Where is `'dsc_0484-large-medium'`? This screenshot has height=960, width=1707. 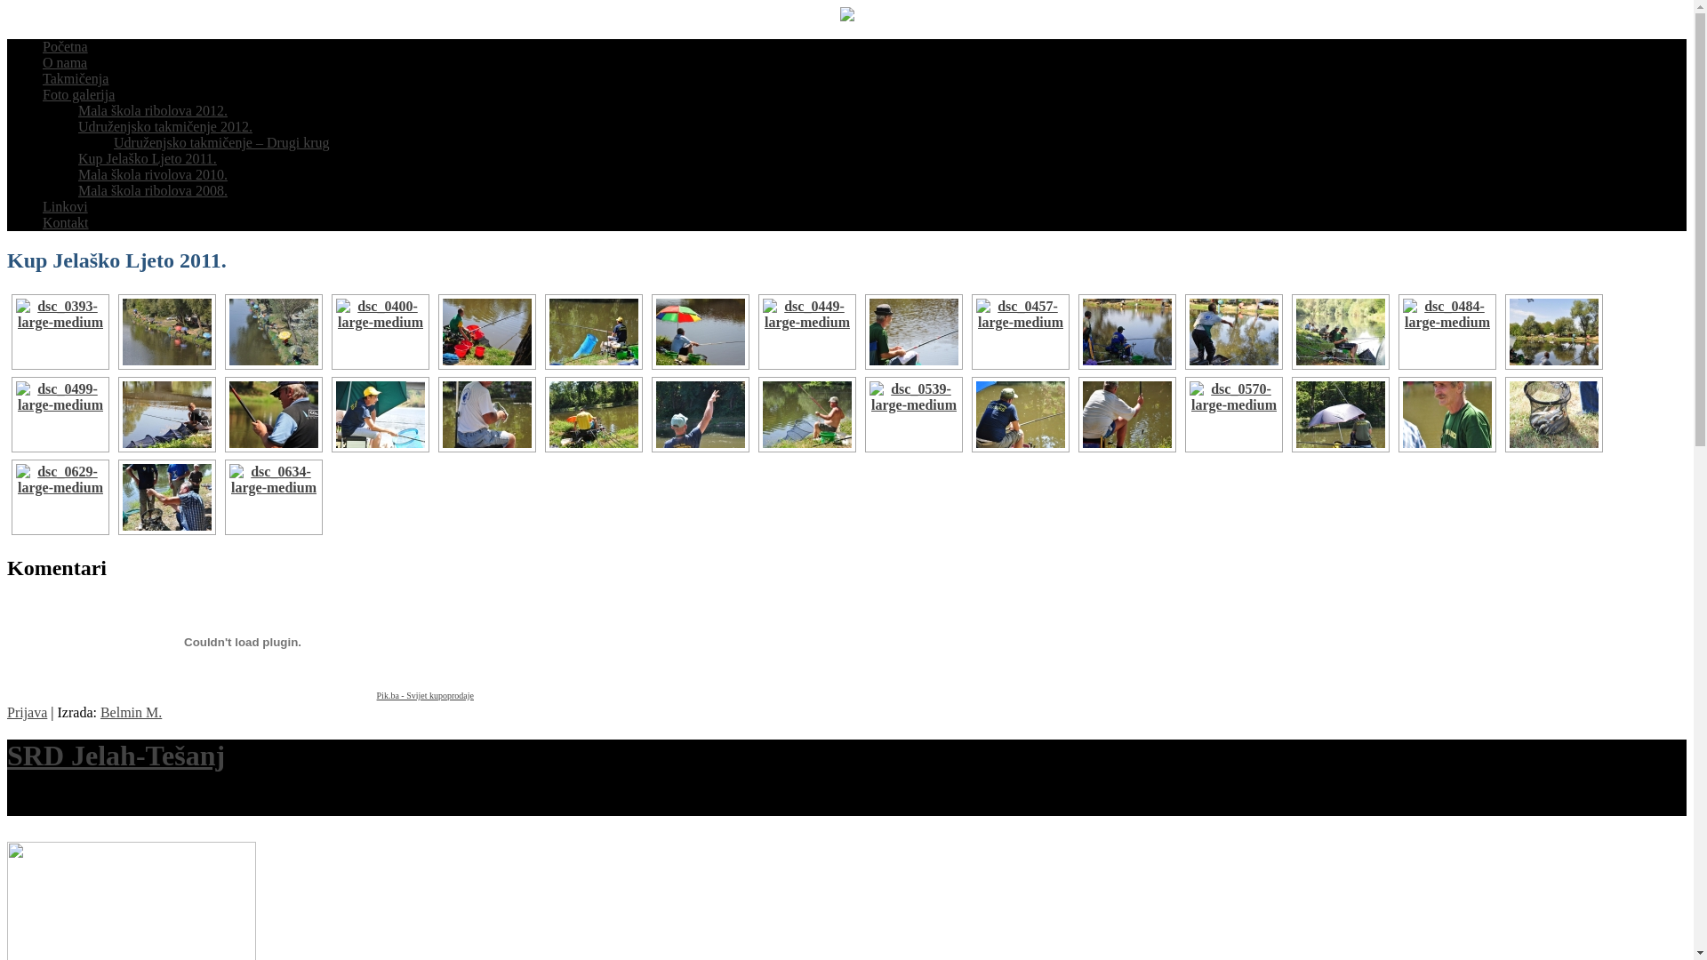 'dsc_0484-large-medium' is located at coordinates (1447, 332).